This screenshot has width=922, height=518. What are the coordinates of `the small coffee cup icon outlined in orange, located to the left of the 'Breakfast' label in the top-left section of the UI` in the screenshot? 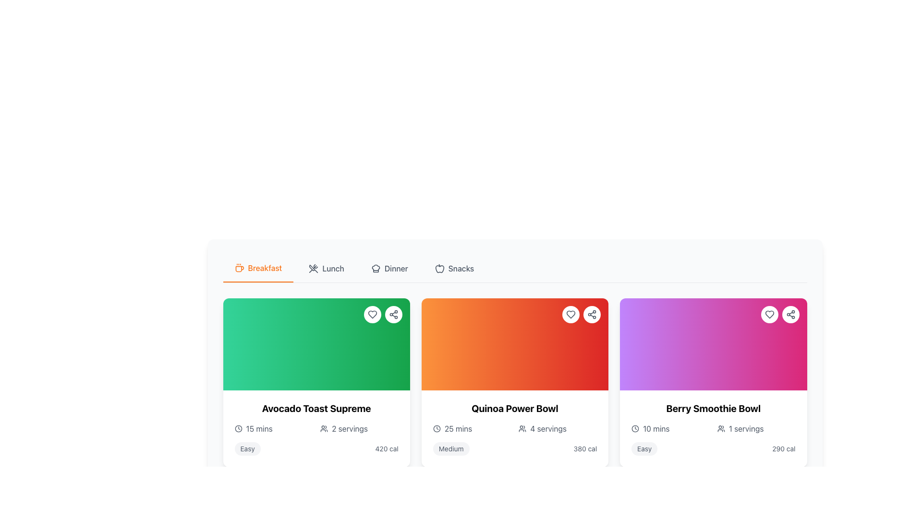 It's located at (239, 268).